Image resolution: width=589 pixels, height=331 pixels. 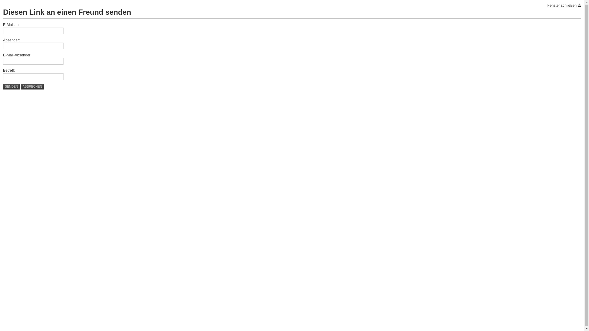 I want to click on 'SENDEN', so click(x=11, y=86).